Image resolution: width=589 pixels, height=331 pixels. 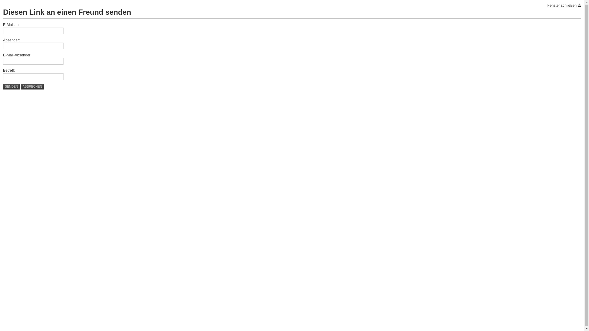 I want to click on 'SENDEN', so click(x=11, y=86).